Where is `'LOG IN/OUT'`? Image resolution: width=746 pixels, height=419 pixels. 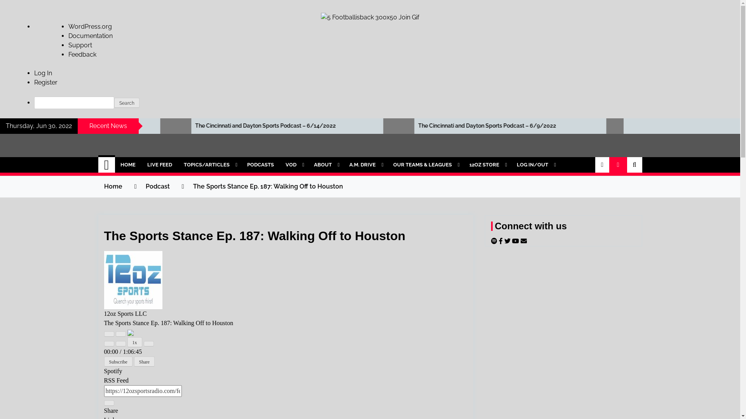 'LOG IN/OUT' is located at coordinates (535, 164).